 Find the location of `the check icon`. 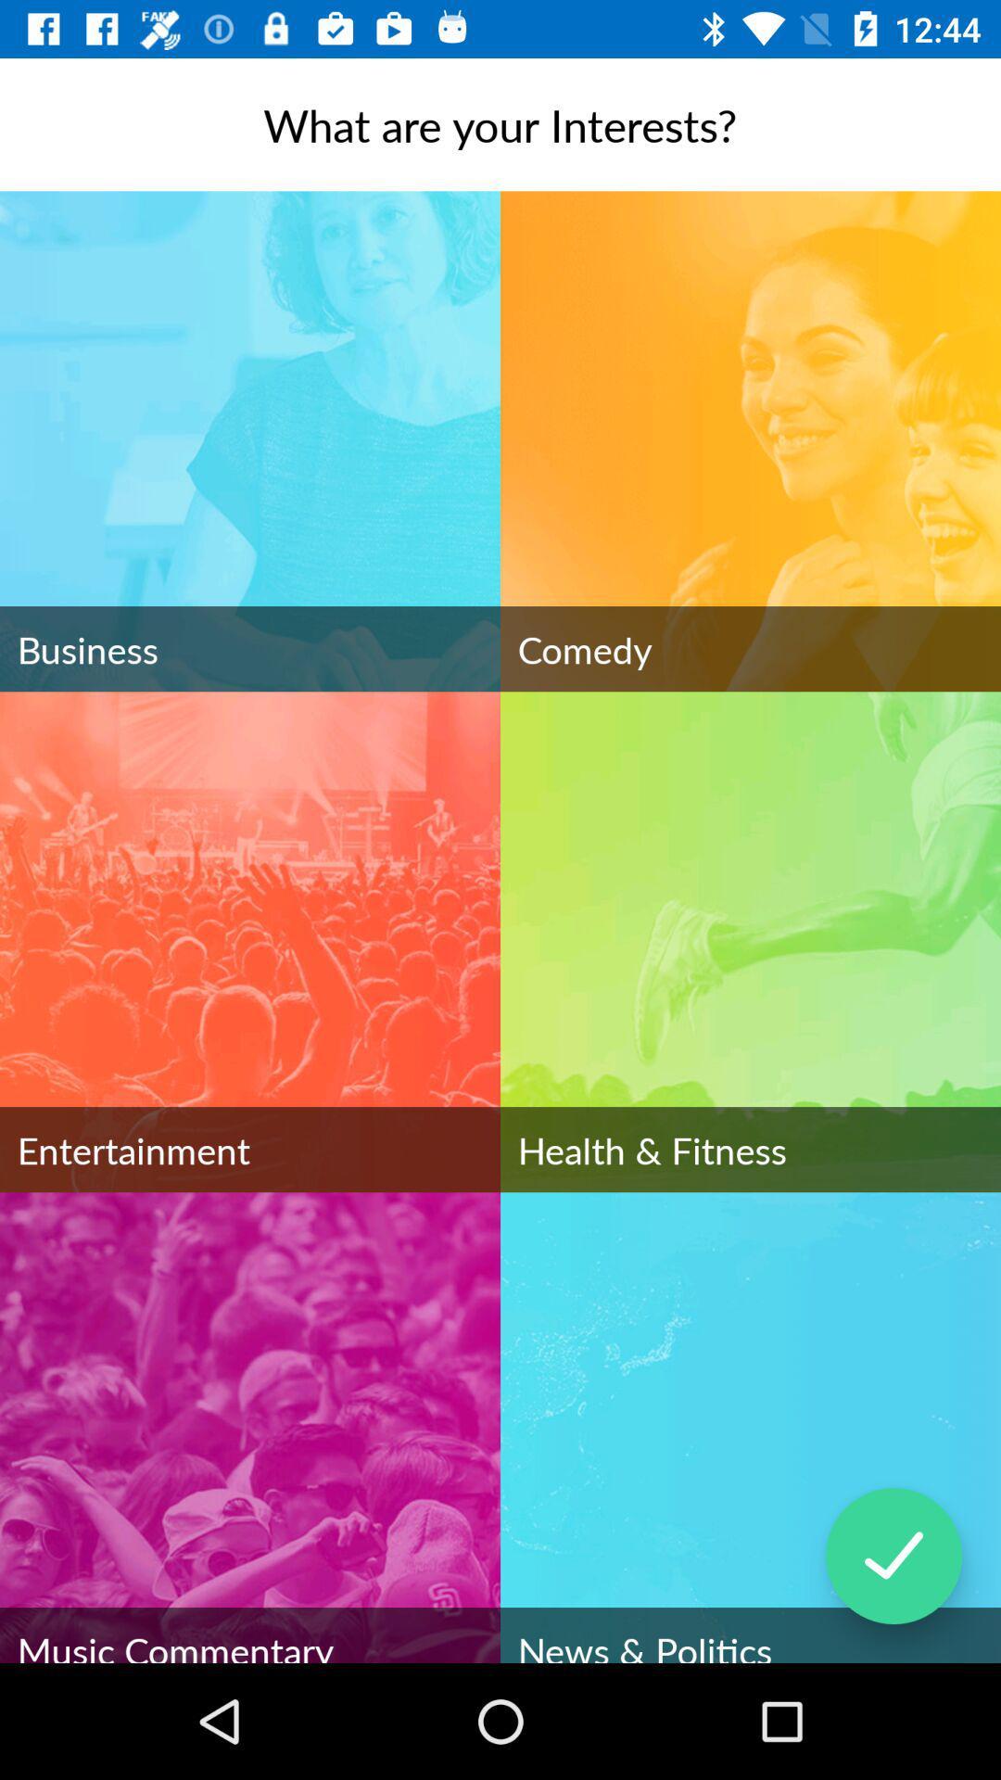

the check icon is located at coordinates (893, 1556).